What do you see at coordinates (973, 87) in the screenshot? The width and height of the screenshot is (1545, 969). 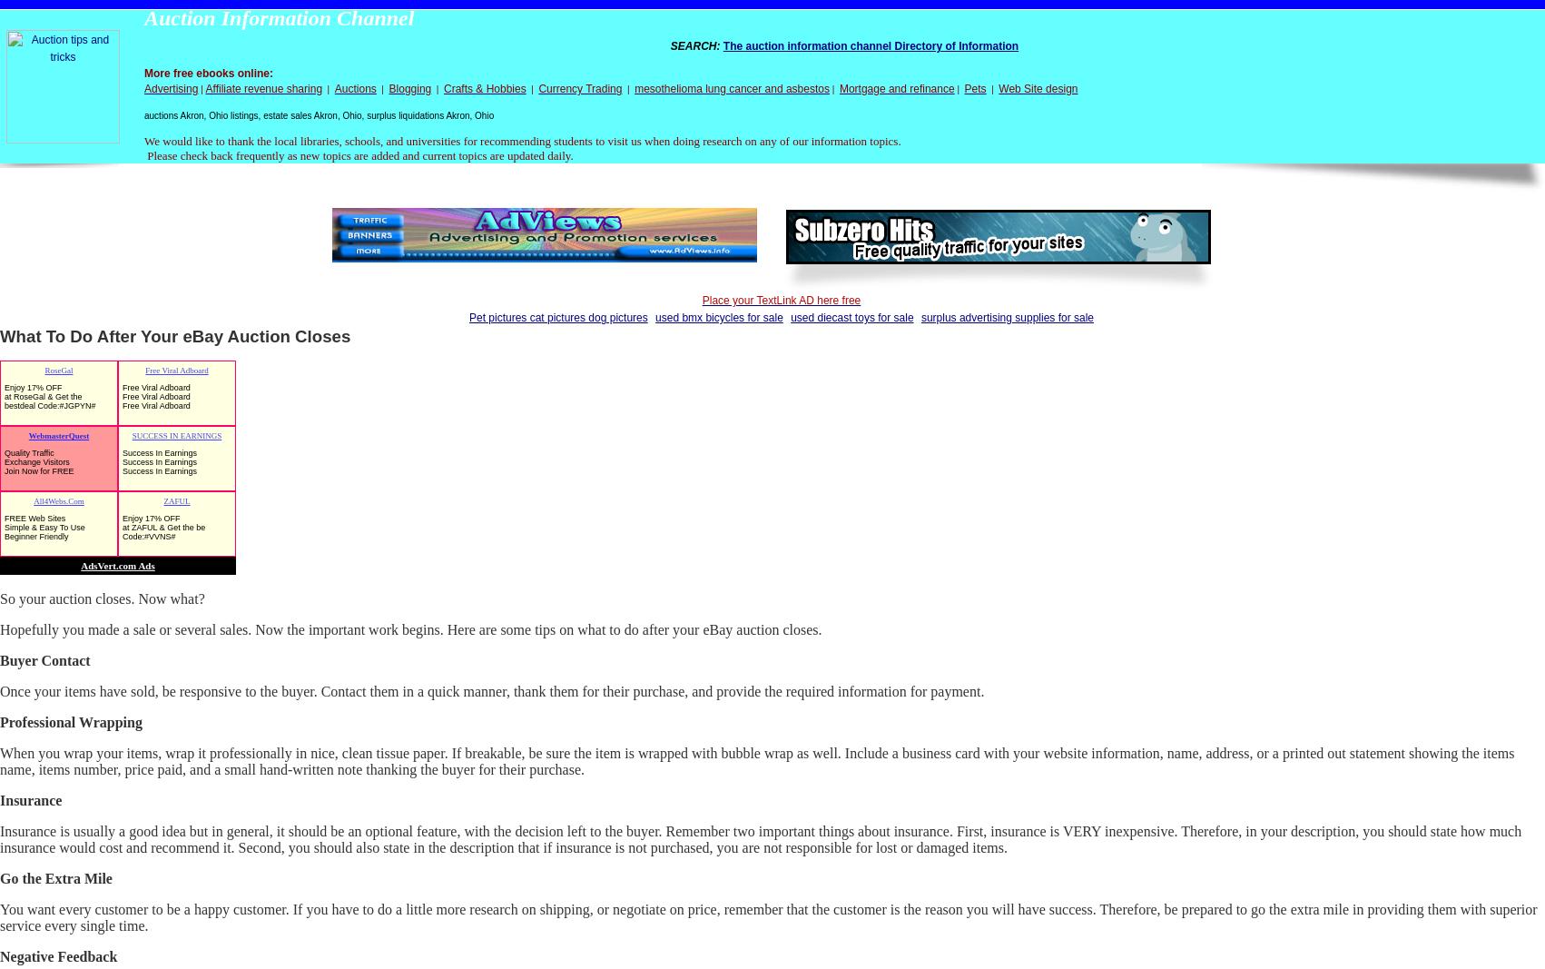 I see `'Pets'` at bounding box center [973, 87].